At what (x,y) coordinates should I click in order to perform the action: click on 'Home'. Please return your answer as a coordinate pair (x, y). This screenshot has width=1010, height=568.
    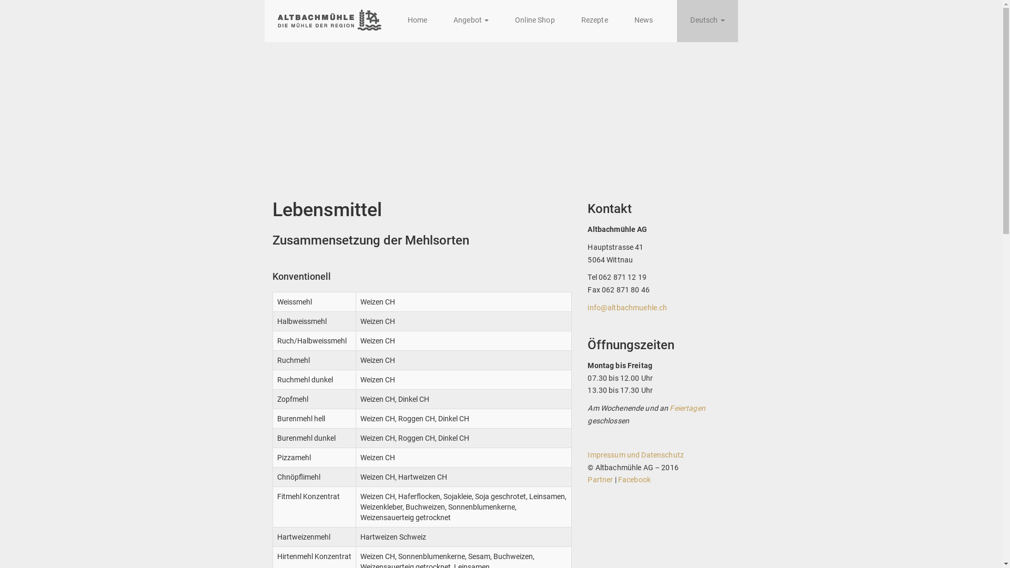
    Looking at the image, I should click on (417, 21).